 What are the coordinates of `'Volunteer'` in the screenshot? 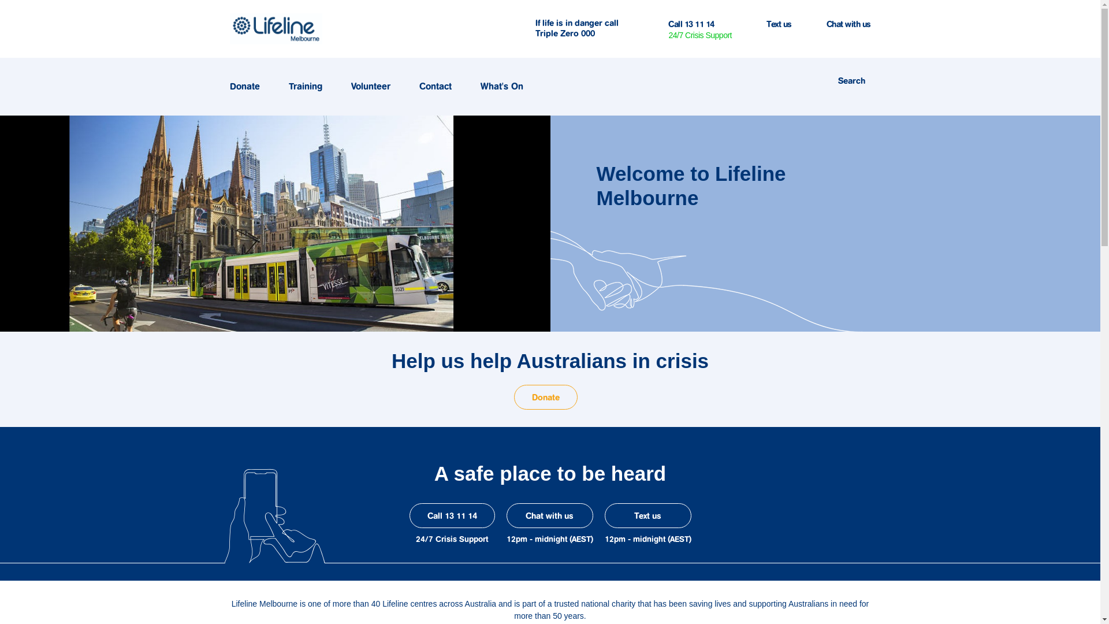 It's located at (376, 86).